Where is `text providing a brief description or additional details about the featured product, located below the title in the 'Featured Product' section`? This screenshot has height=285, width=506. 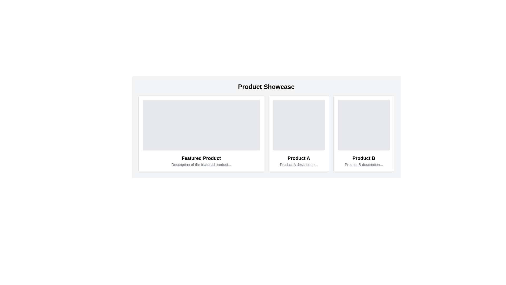 text providing a brief description or additional details about the featured product, located below the title in the 'Featured Product' section is located at coordinates (201, 164).